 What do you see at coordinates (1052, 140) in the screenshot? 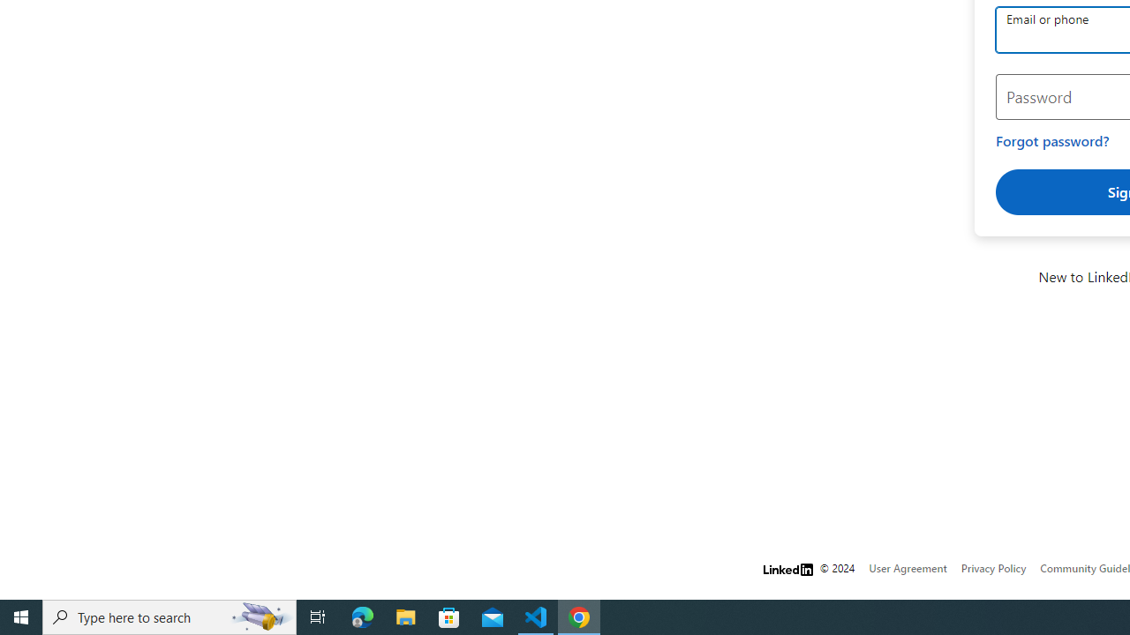
I see `'Forgot password?'` at bounding box center [1052, 140].